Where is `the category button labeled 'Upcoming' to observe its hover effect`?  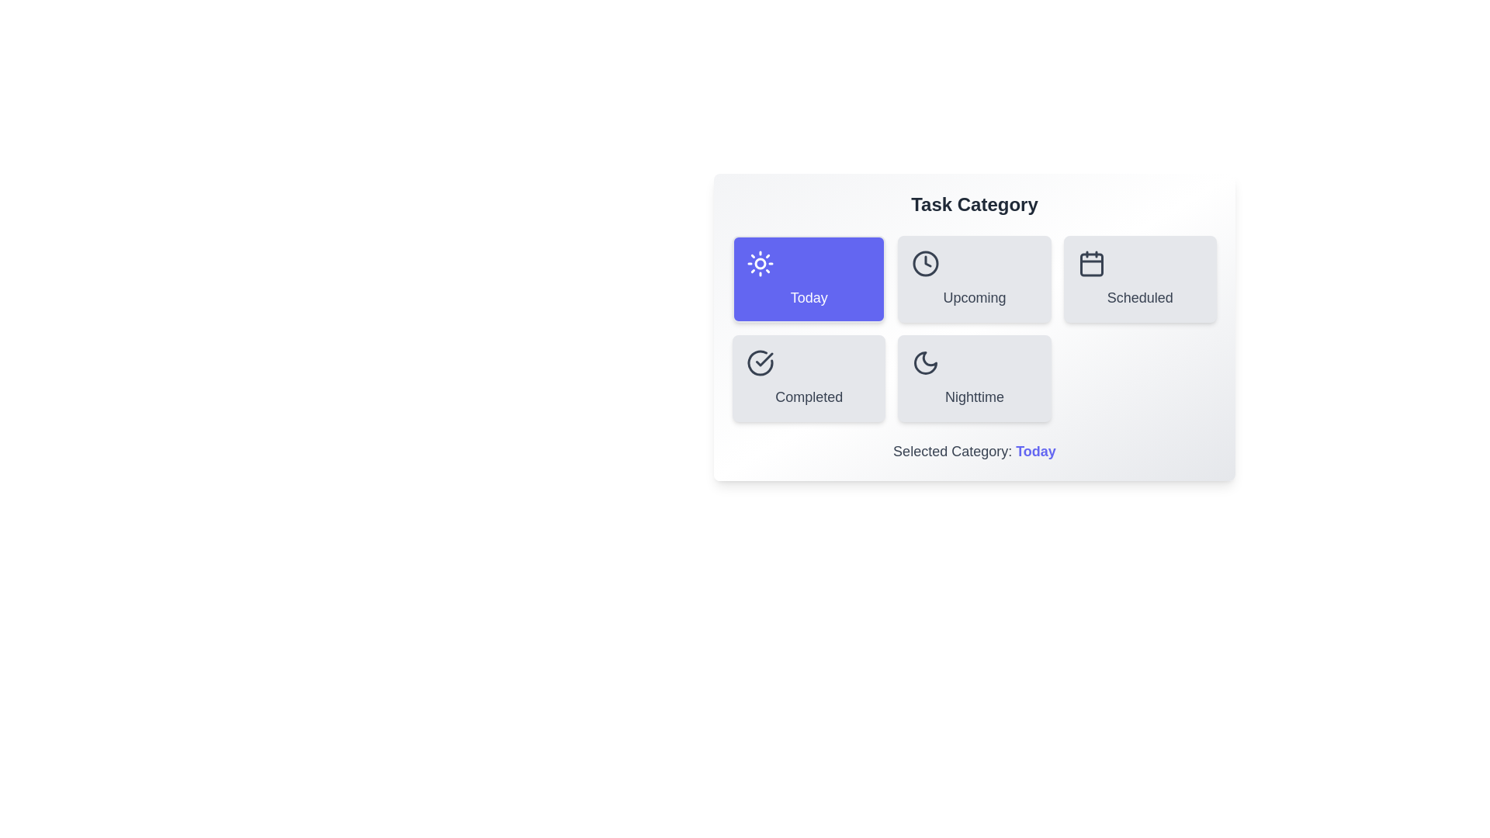
the category button labeled 'Upcoming' to observe its hover effect is located at coordinates (974, 278).